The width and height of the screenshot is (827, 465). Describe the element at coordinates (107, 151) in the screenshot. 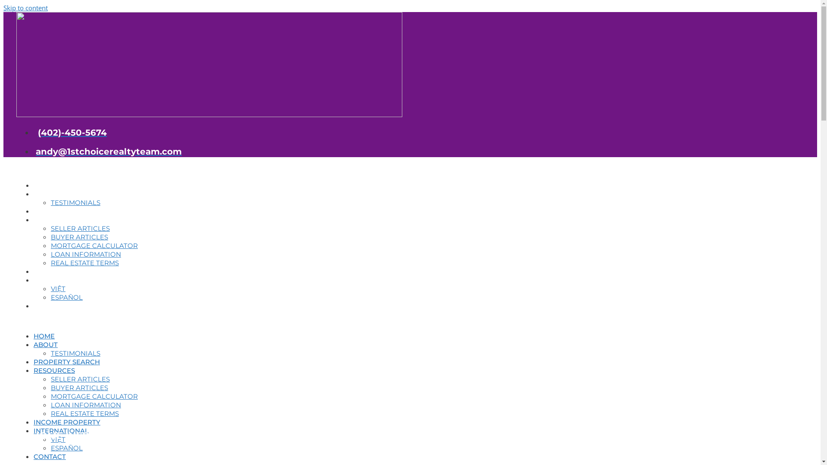

I see `'andy@1stchoicerealtyteam.com'` at that location.